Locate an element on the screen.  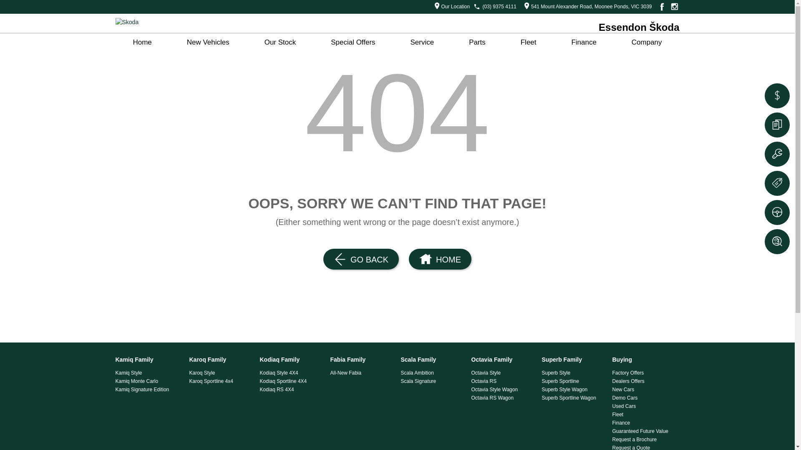
'Superb Sportline Wagon' is located at coordinates (573, 397).